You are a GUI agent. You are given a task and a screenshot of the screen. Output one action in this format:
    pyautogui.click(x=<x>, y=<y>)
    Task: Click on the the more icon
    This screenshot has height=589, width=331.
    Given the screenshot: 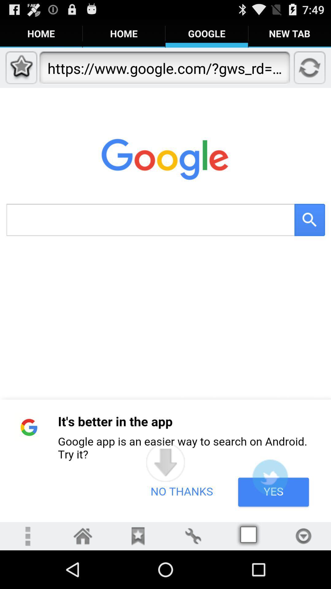 What is the action you would take?
    pyautogui.click(x=27, y=573)
    